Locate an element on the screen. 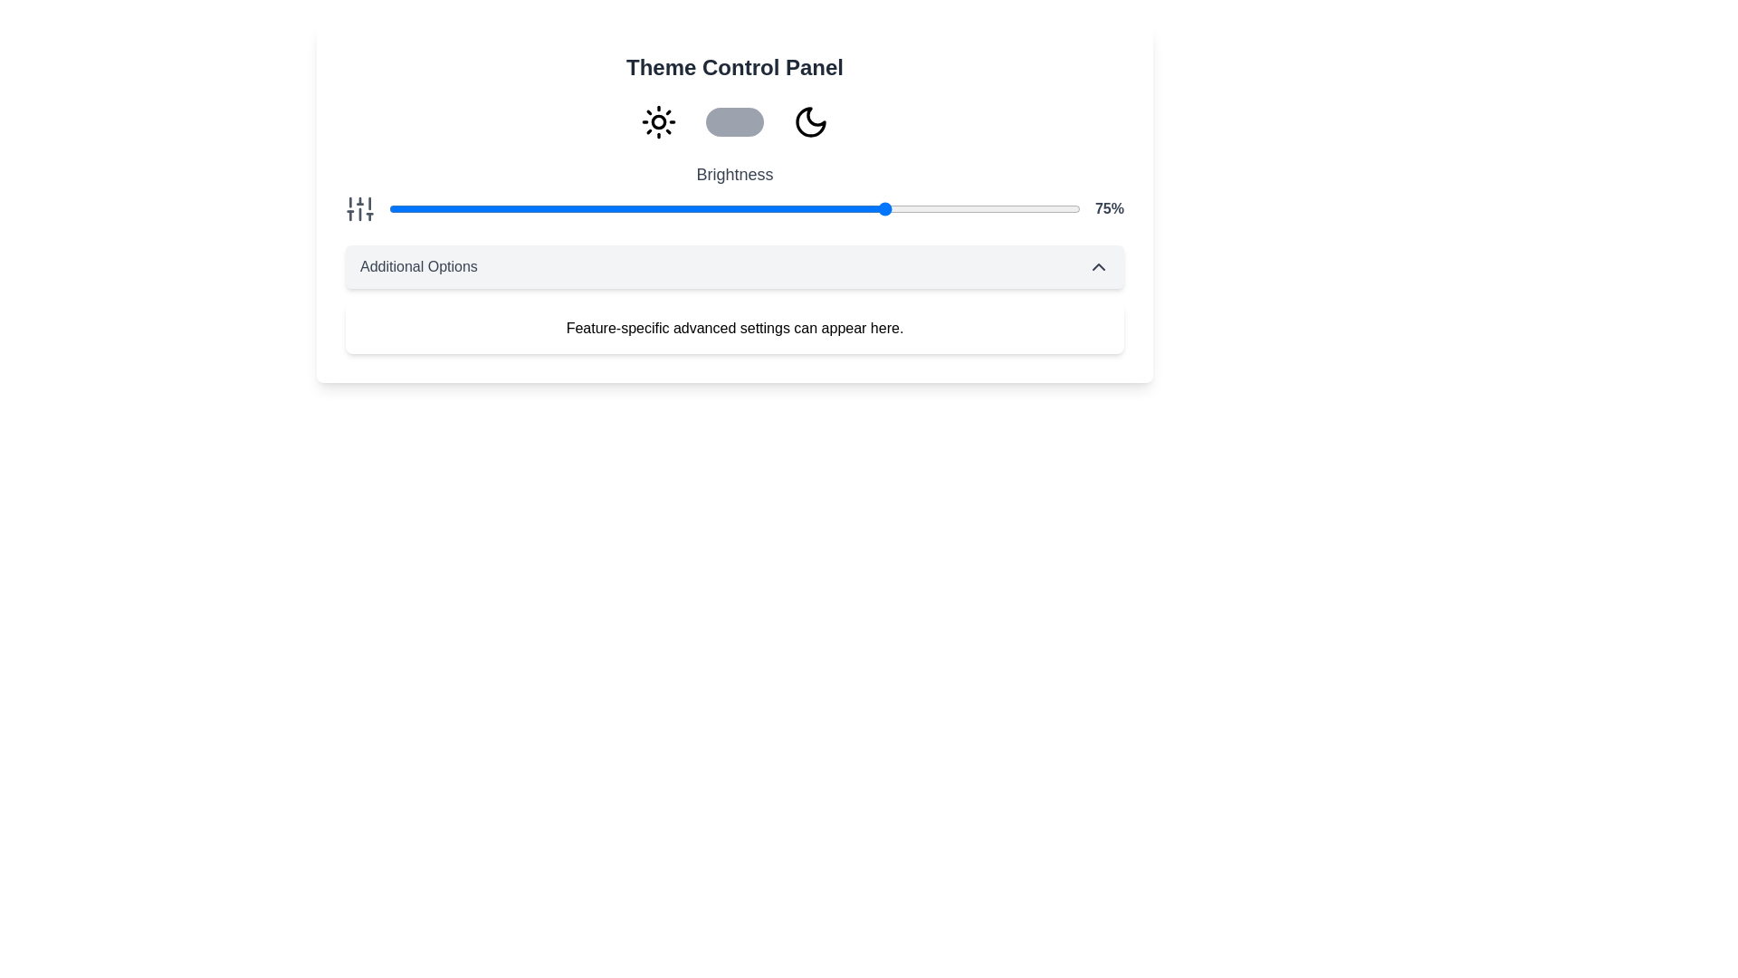  the toggle icon located within the 'Additional Options' panel is located at coordinates (1098, 266).